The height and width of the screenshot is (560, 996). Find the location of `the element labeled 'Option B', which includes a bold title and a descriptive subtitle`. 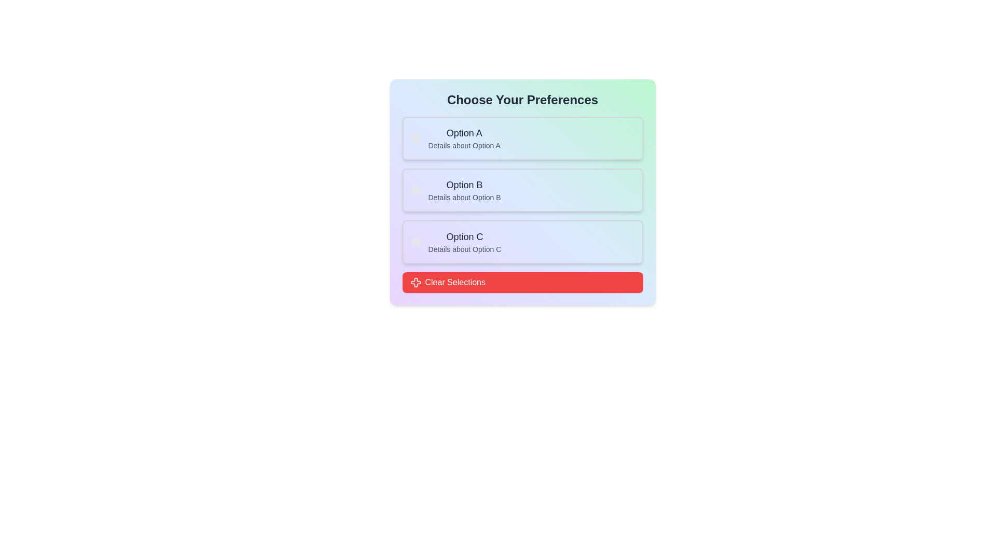

the element labeled 'Option B', which includes a bold title and a descriptive subtitle is located at coordinates (464, 190).